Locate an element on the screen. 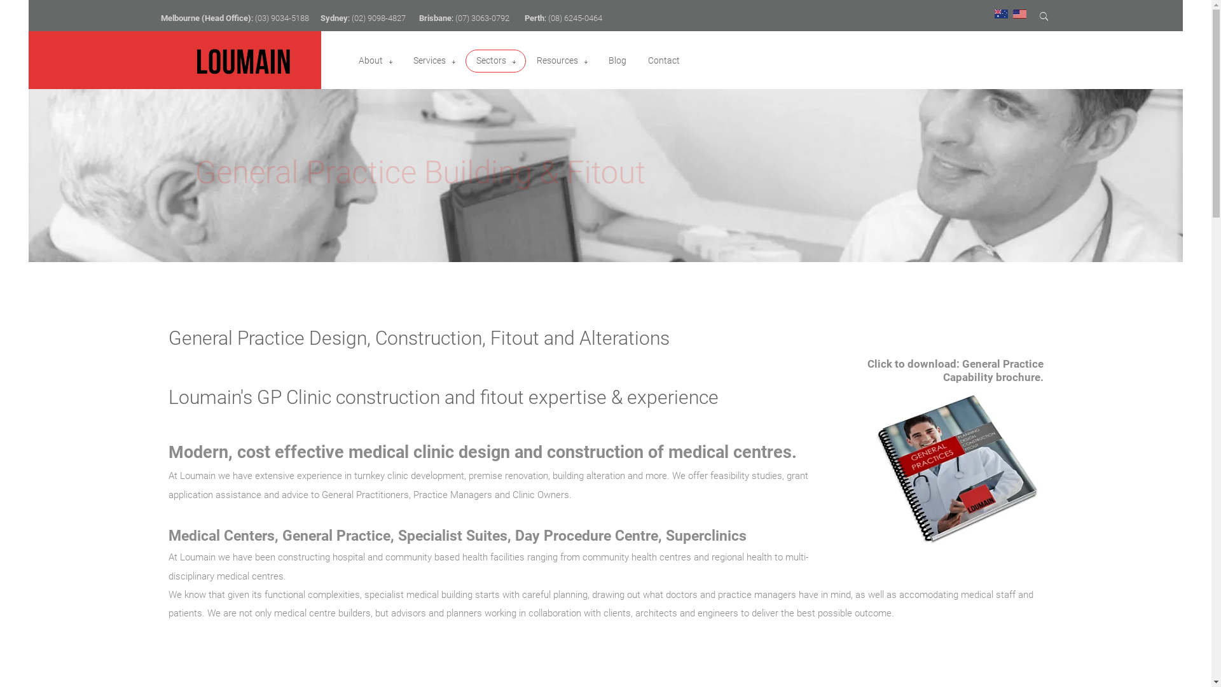  'Blog' is located at coordinates (607, 60).